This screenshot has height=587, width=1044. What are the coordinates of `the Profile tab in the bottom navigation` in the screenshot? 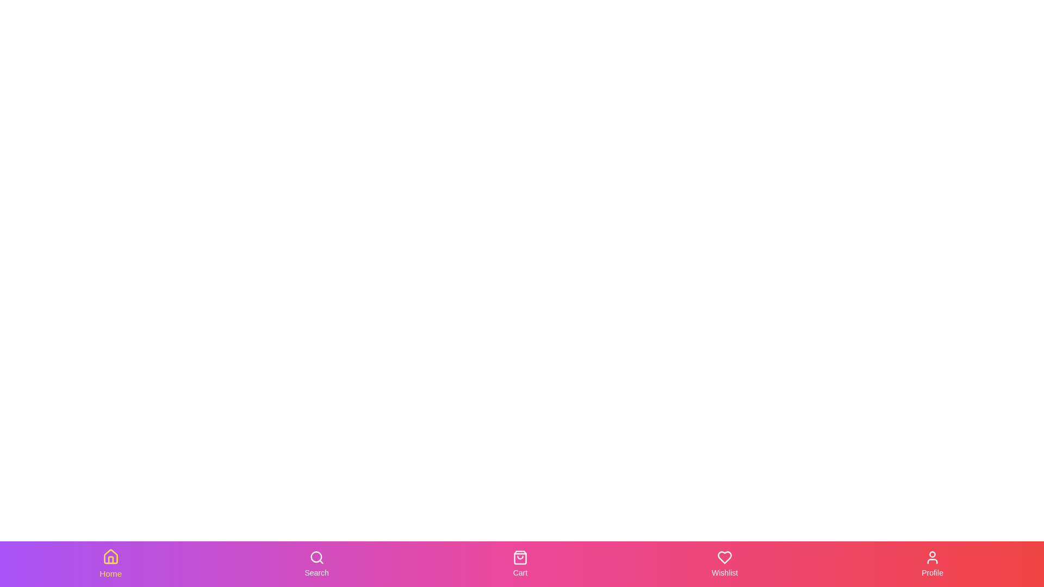 It's located at (932, 563).